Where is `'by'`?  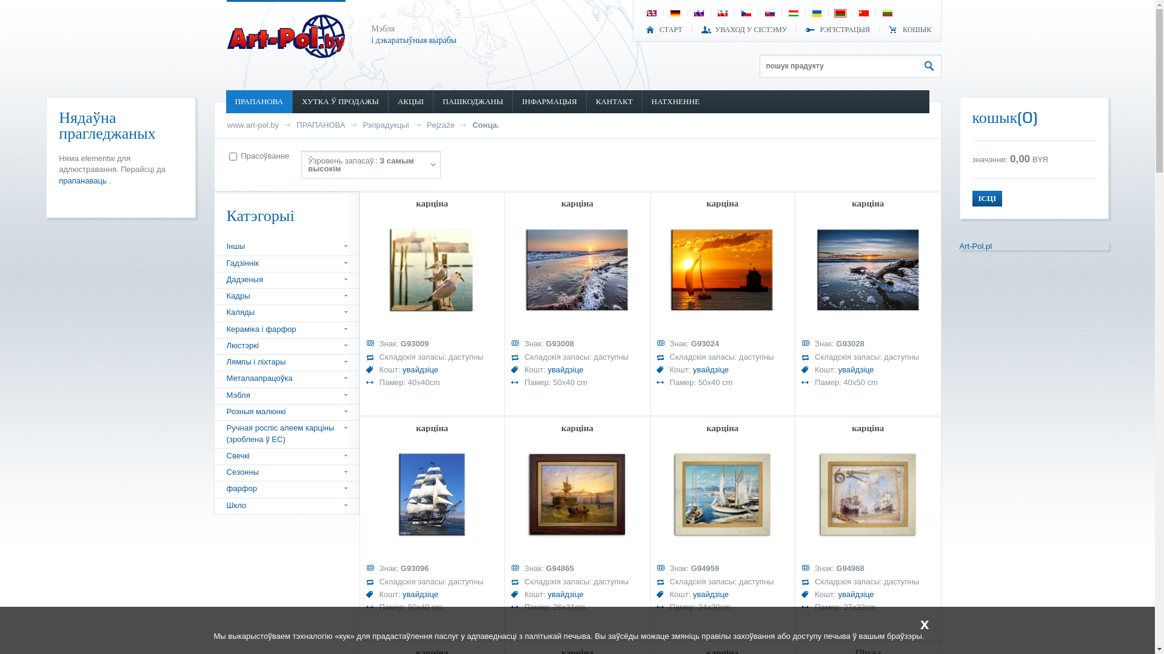 'by' is located at coordinates (834, 13).